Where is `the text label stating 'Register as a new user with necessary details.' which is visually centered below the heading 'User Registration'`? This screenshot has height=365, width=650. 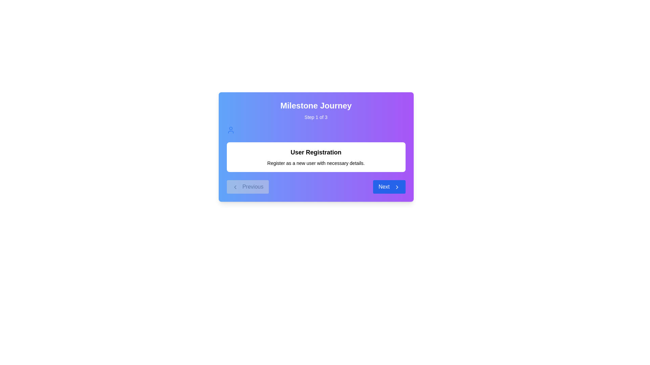
the text label stating 'Register as a new user with necessary details.' which is visually centered below the heading 'User Registration' is located at coordinates (316, 163).